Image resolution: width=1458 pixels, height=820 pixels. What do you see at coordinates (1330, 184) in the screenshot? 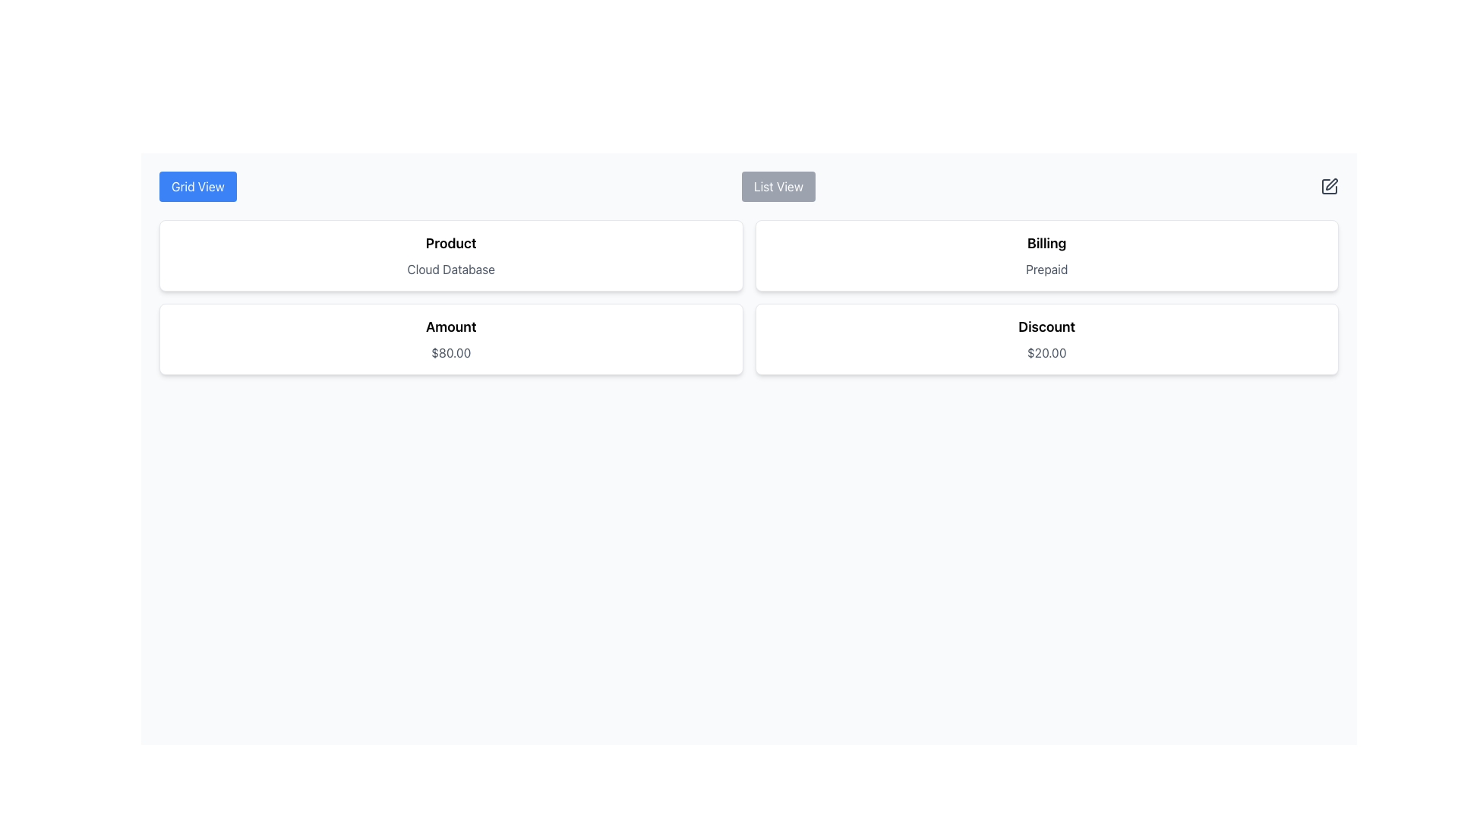
I see `the edit button located in the top-right corner of the interface` at bounding box center [1330, 184].